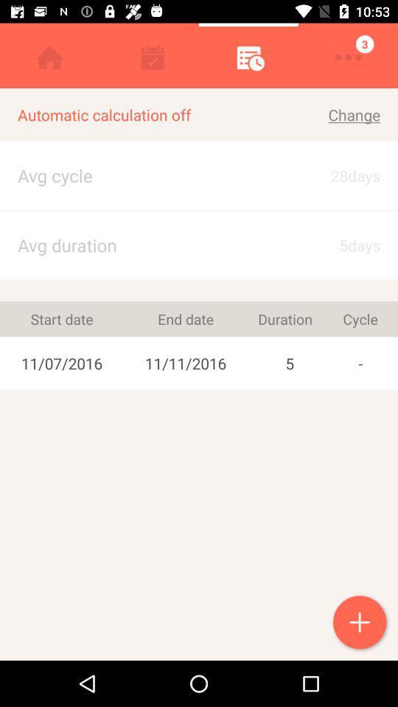 The image size is (398, 707). I want to click on 28days item, so click(341, 175).